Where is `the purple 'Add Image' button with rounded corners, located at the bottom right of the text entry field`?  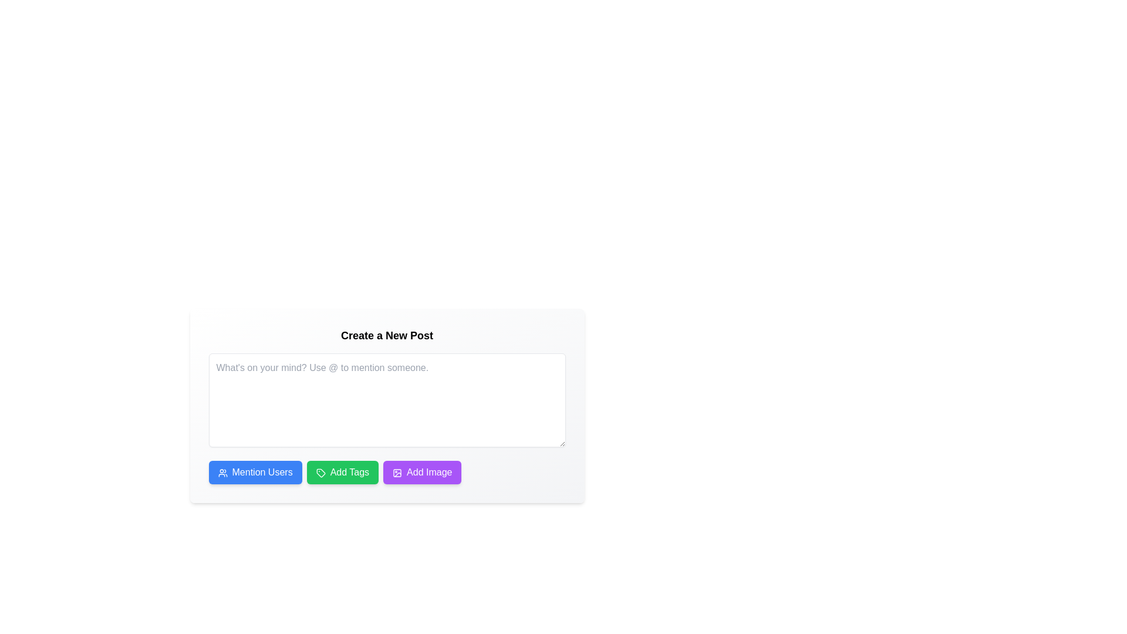
the purple 'Add Image' button with rounded corners, located at the bottom right of the text entry field is located at coordinates (422, 472).